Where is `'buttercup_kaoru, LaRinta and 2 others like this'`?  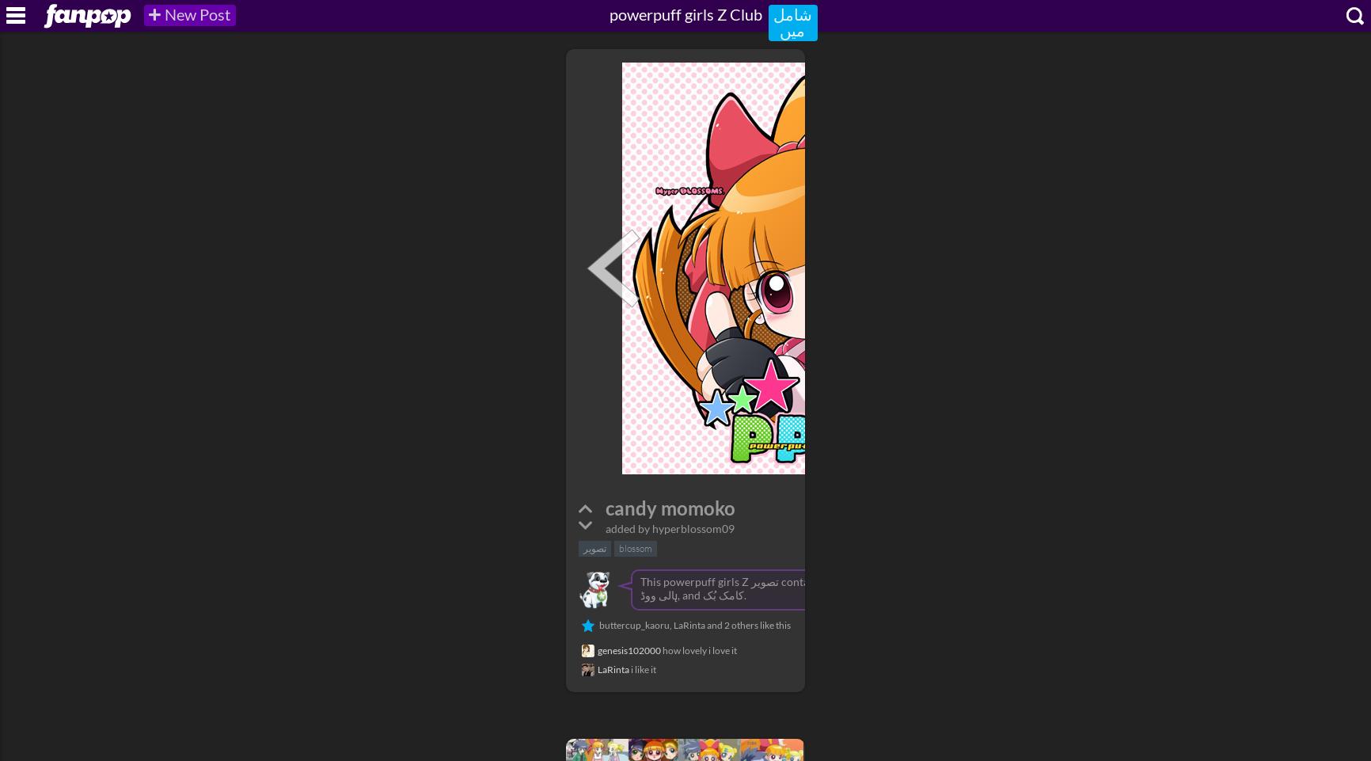 'buttercup_kaoru, LaRinta and 2 others like this' is located at coordinates (694, 624).